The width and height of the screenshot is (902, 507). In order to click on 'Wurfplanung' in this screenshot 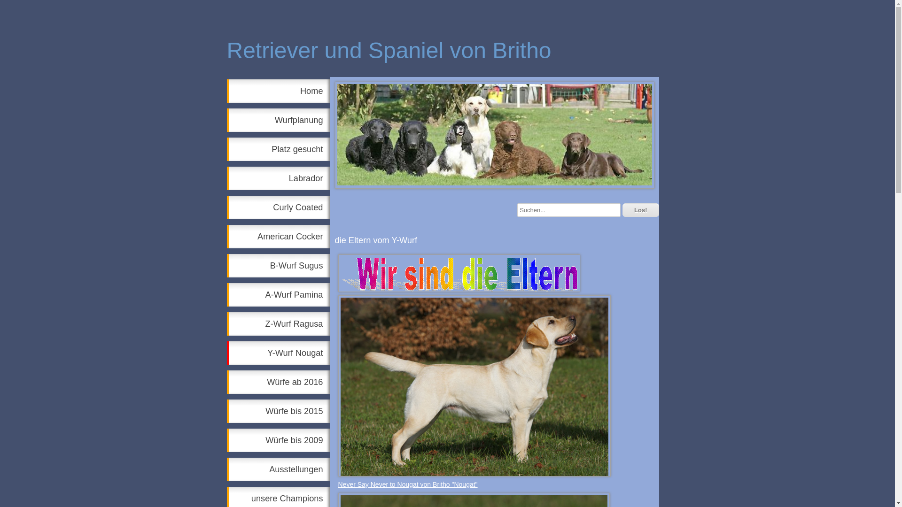, I will do `click(277, 119)`.